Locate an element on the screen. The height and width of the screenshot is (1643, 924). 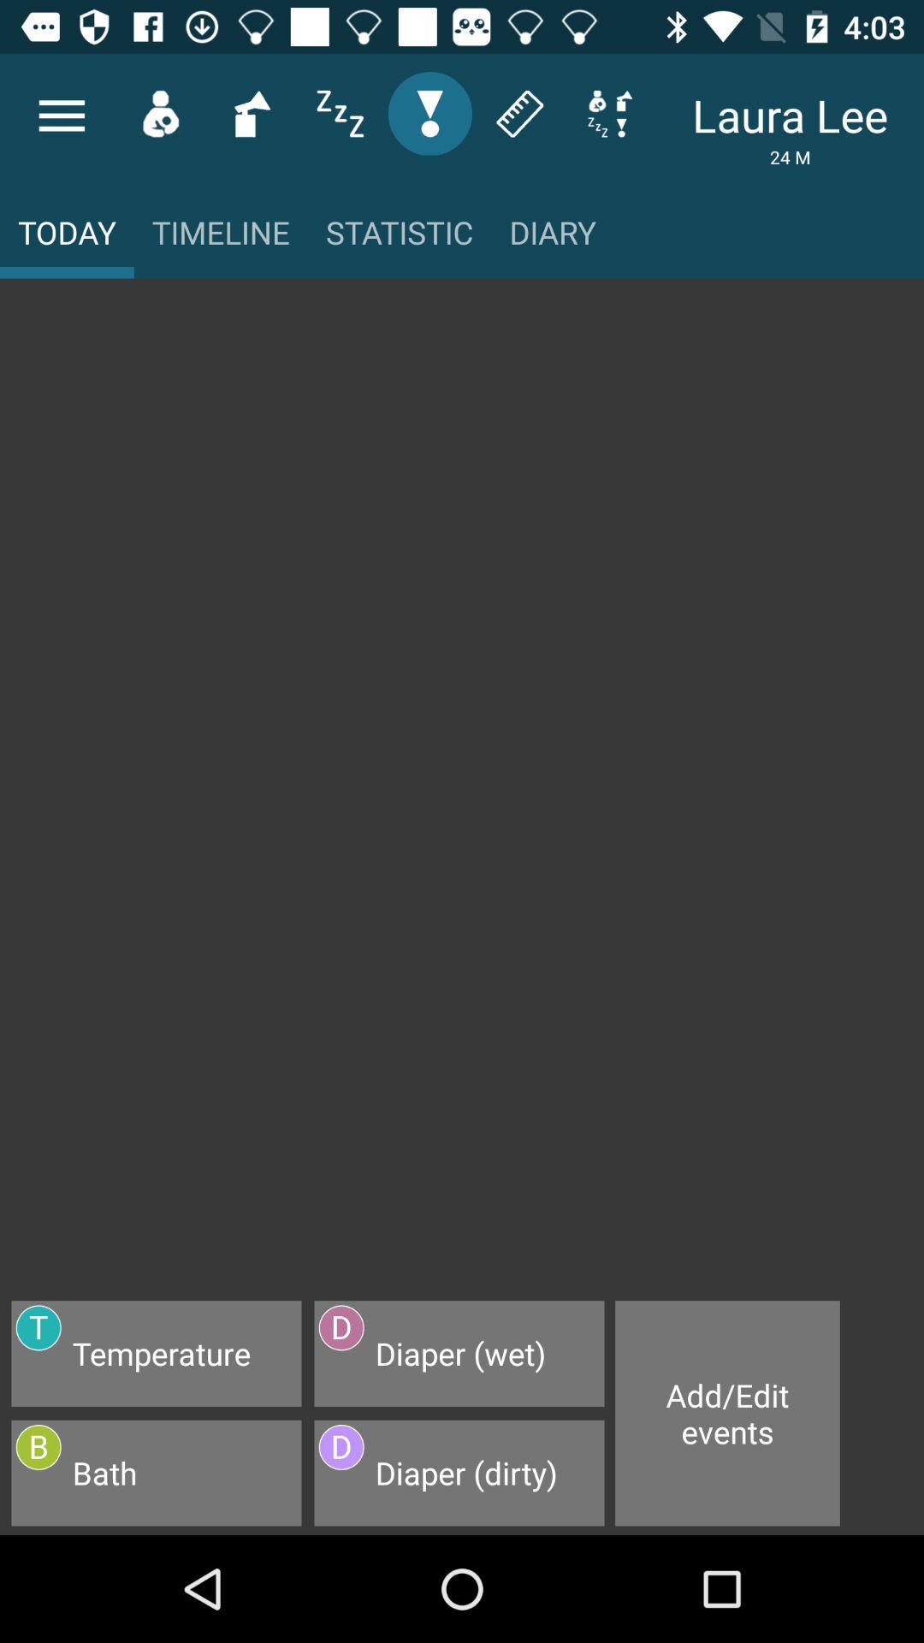
the icon above the temperature item is located at coordinates (462, 798).